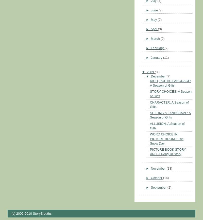  Describe the element at coordinates (156, 38) in the screenshot. I see `'March'` at that location.